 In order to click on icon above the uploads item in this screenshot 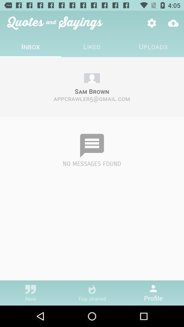, I will do `click(152, 23)`.